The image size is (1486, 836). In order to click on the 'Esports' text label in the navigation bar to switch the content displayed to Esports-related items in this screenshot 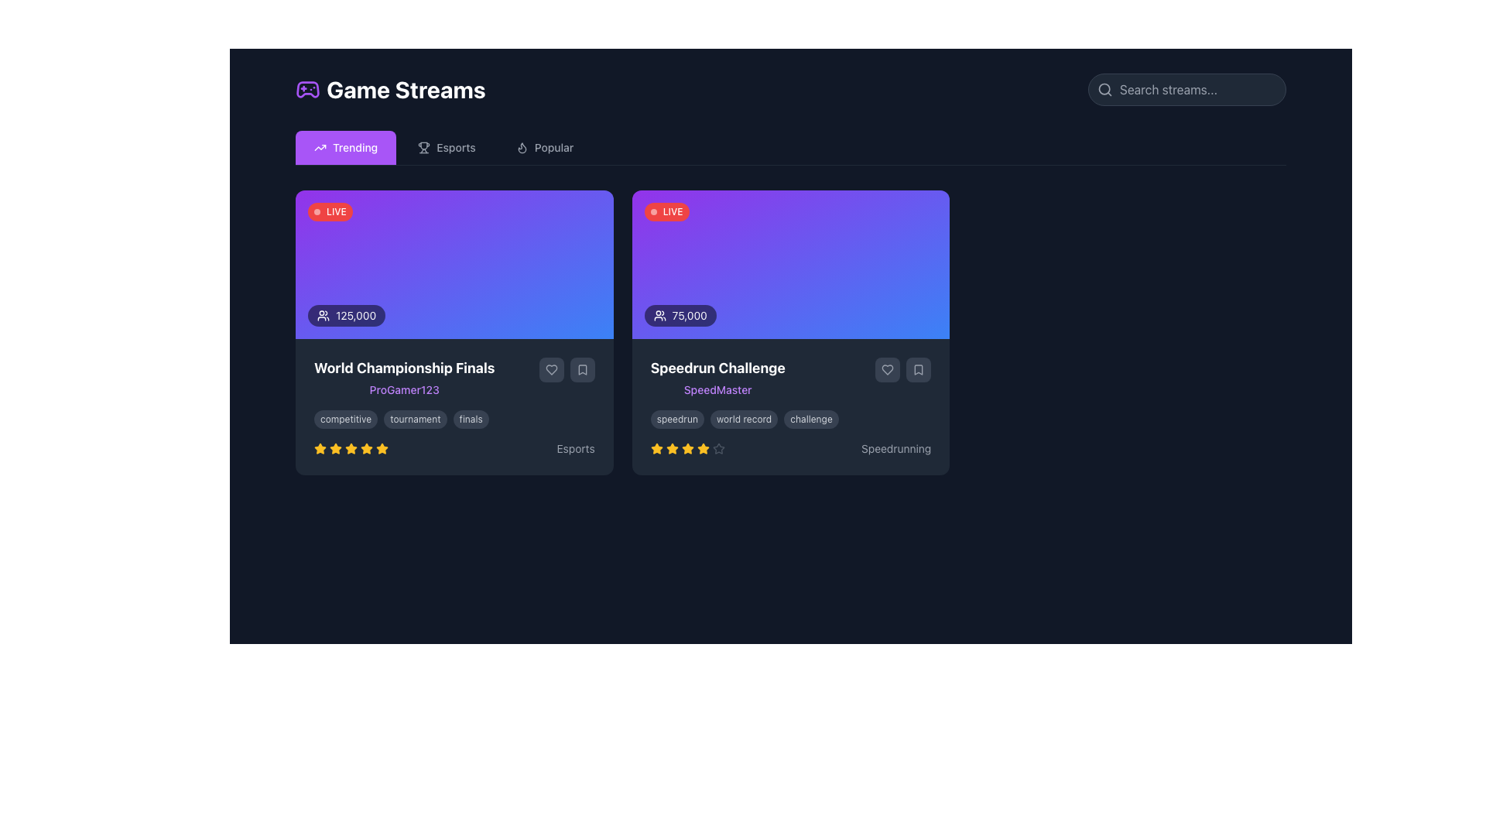, I will do `click(455, 148)`.